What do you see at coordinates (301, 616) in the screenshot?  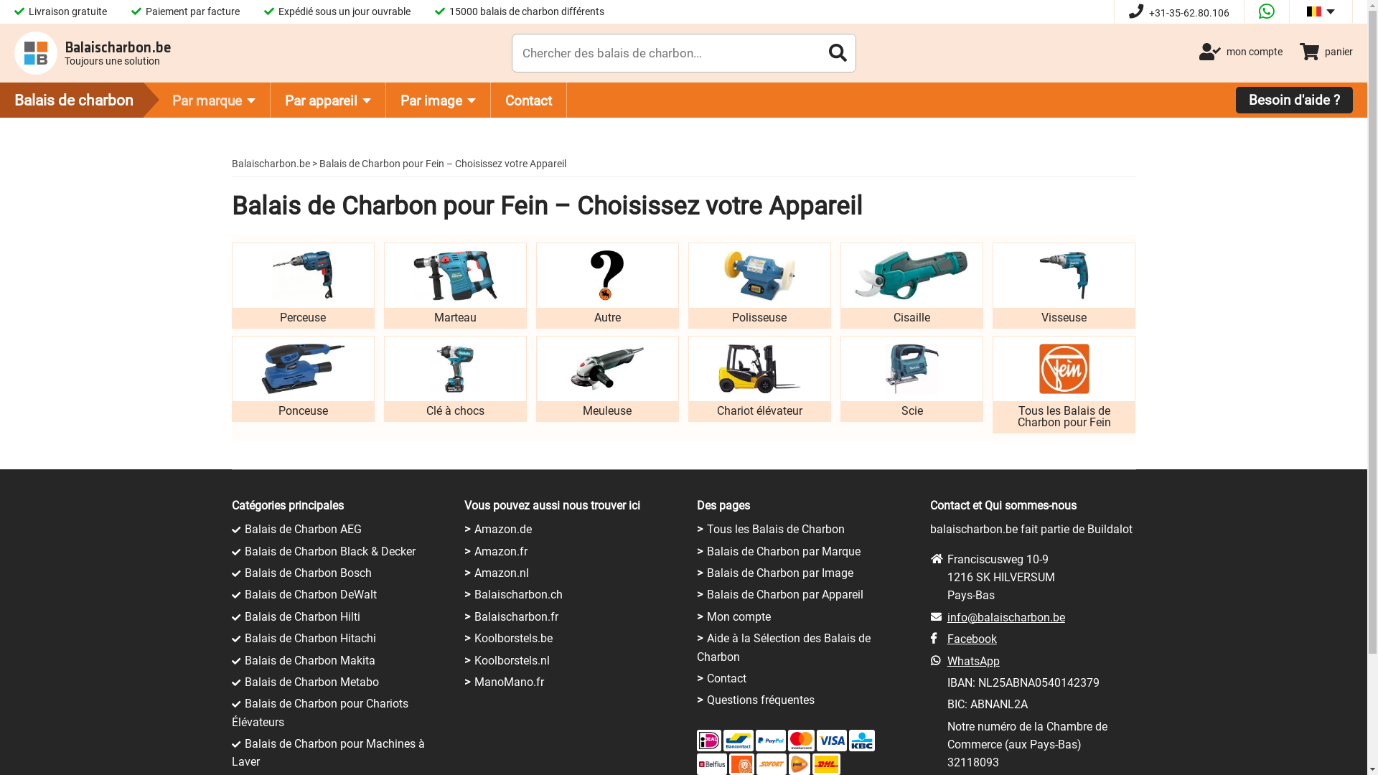 I see `'Balais de Charbon Hilti'` at bounding box center [301, 616].